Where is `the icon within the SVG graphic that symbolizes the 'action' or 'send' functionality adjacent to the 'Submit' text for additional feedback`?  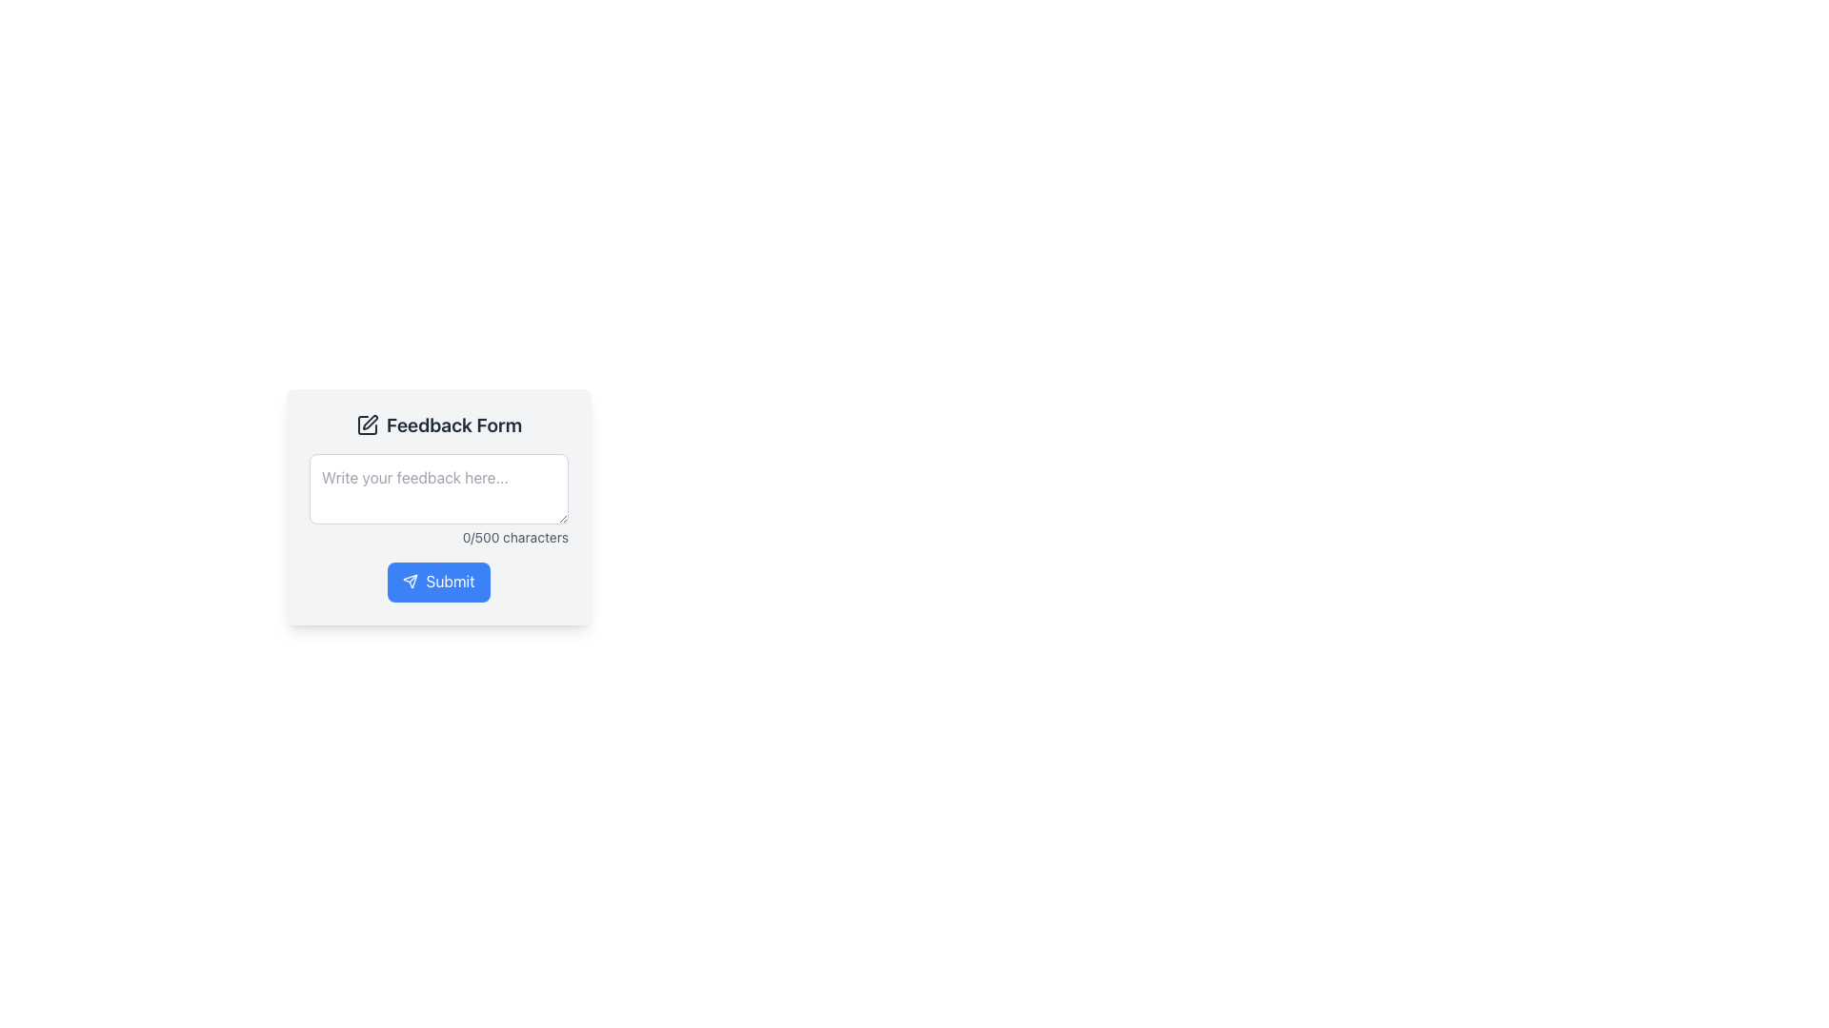 the icon within the SVG graphic that symbolizes the 'action' or 'send' functionality adjacent to the 'Submit' text for additional feedback is located at coordinates (410, 580).